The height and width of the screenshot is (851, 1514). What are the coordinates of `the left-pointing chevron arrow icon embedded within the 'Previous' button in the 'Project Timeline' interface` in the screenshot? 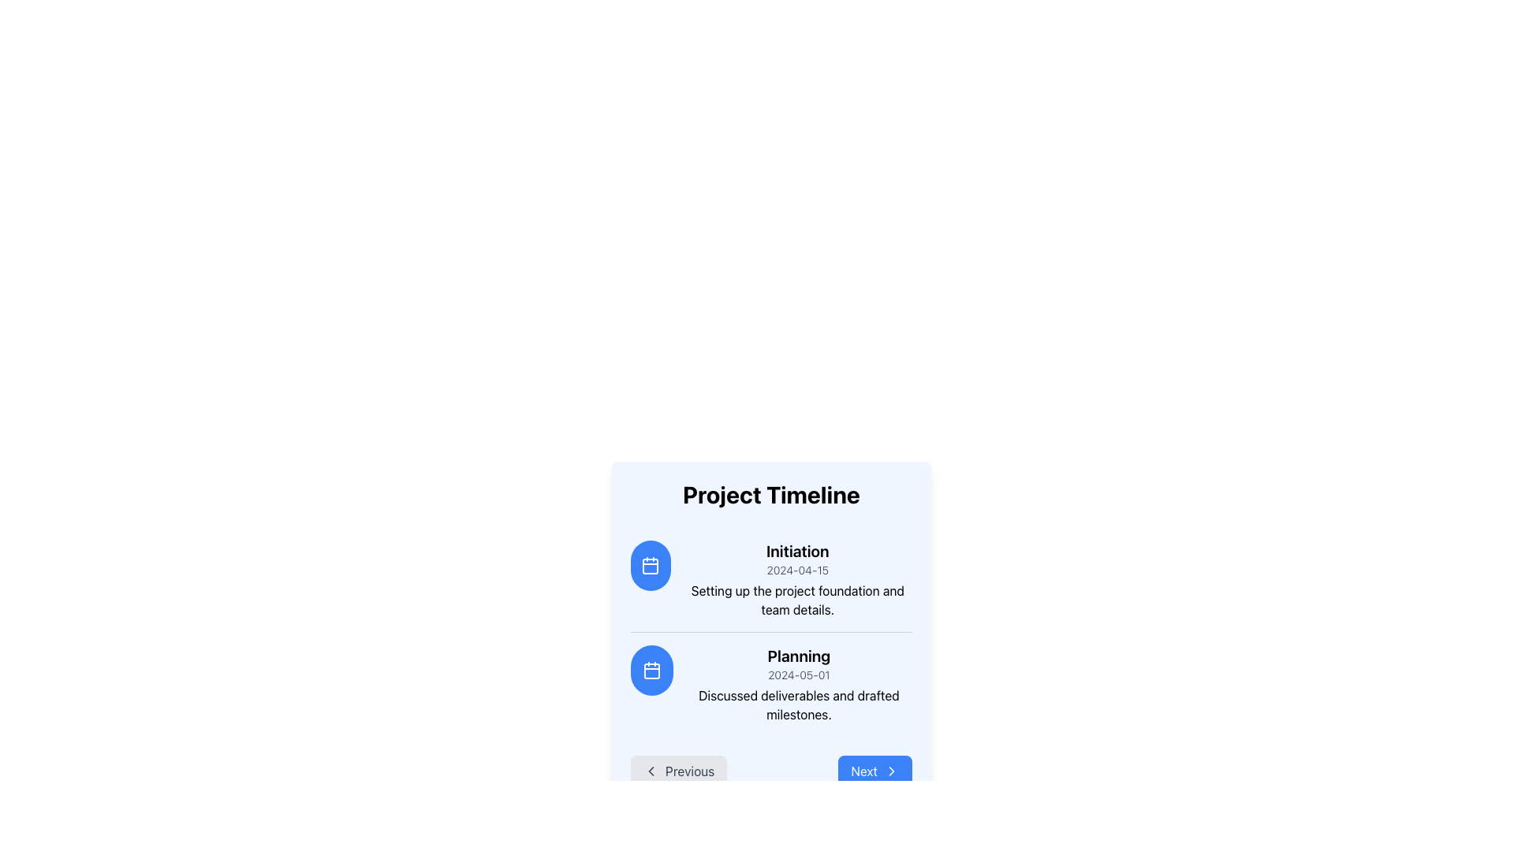 It's located at (651, 771).